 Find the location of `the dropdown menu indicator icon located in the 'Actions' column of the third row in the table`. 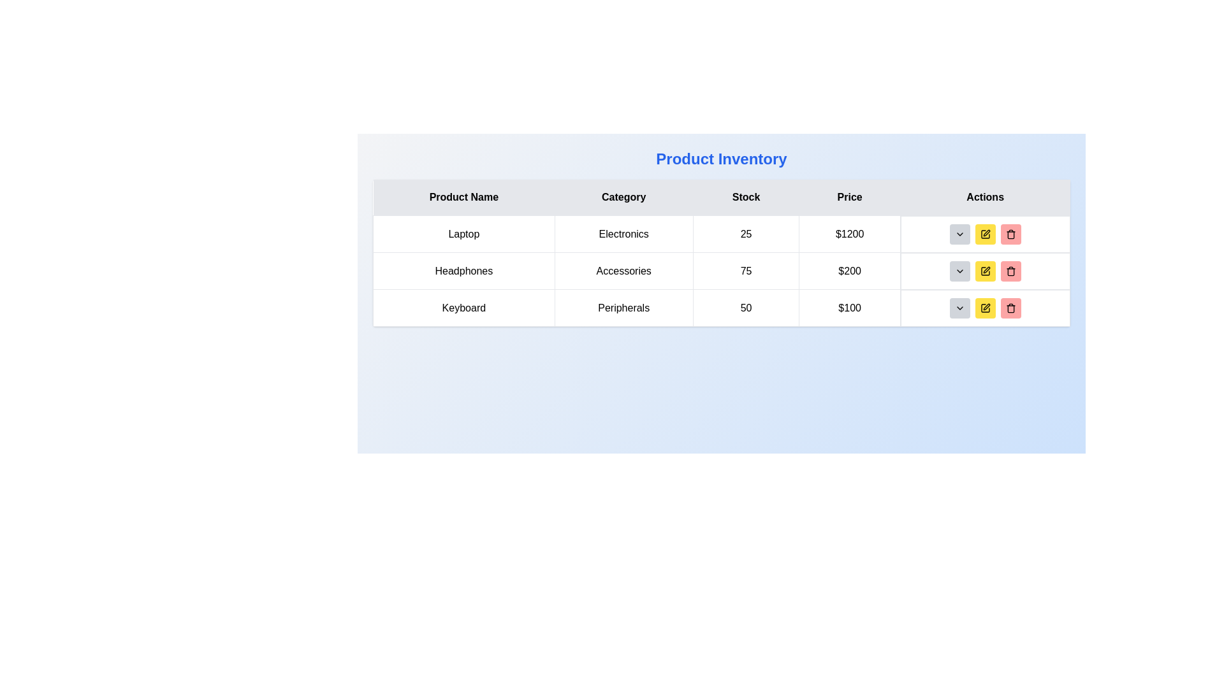

the dropdown menu indicator icon located in the 'Actions' column of the third row in the table is located at coordinates (959, 308).